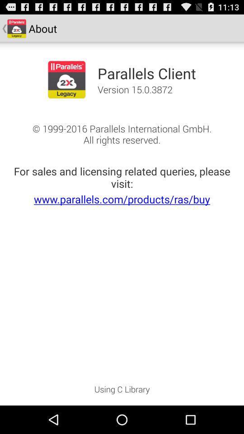  Describe the element at coordinates (122, 392) in the screenshot. I see `using c library icon` at that location.